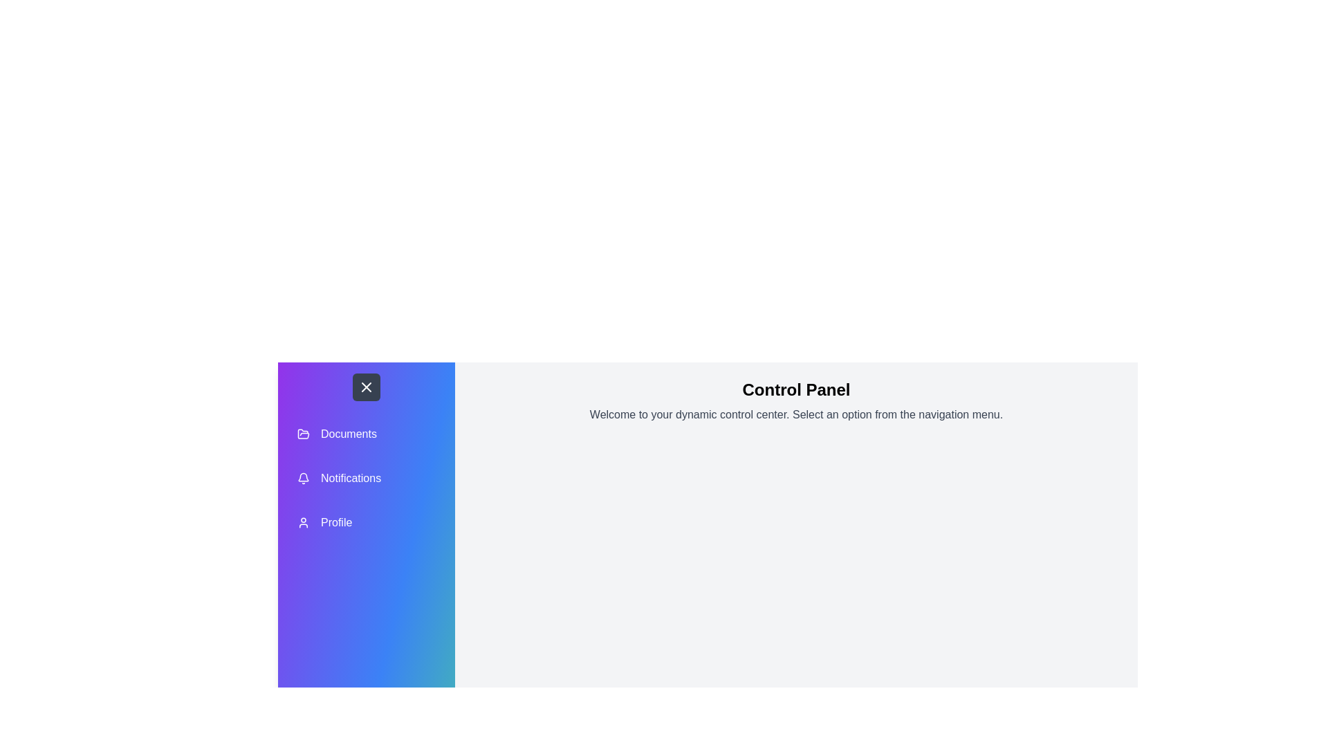 This screenshot has width=1328, height=747. What do you see at coordinates (366, 434) in the screenshot?
I see `the 'Documents' menu item in the sidebar` at bounding box center [366, 434].